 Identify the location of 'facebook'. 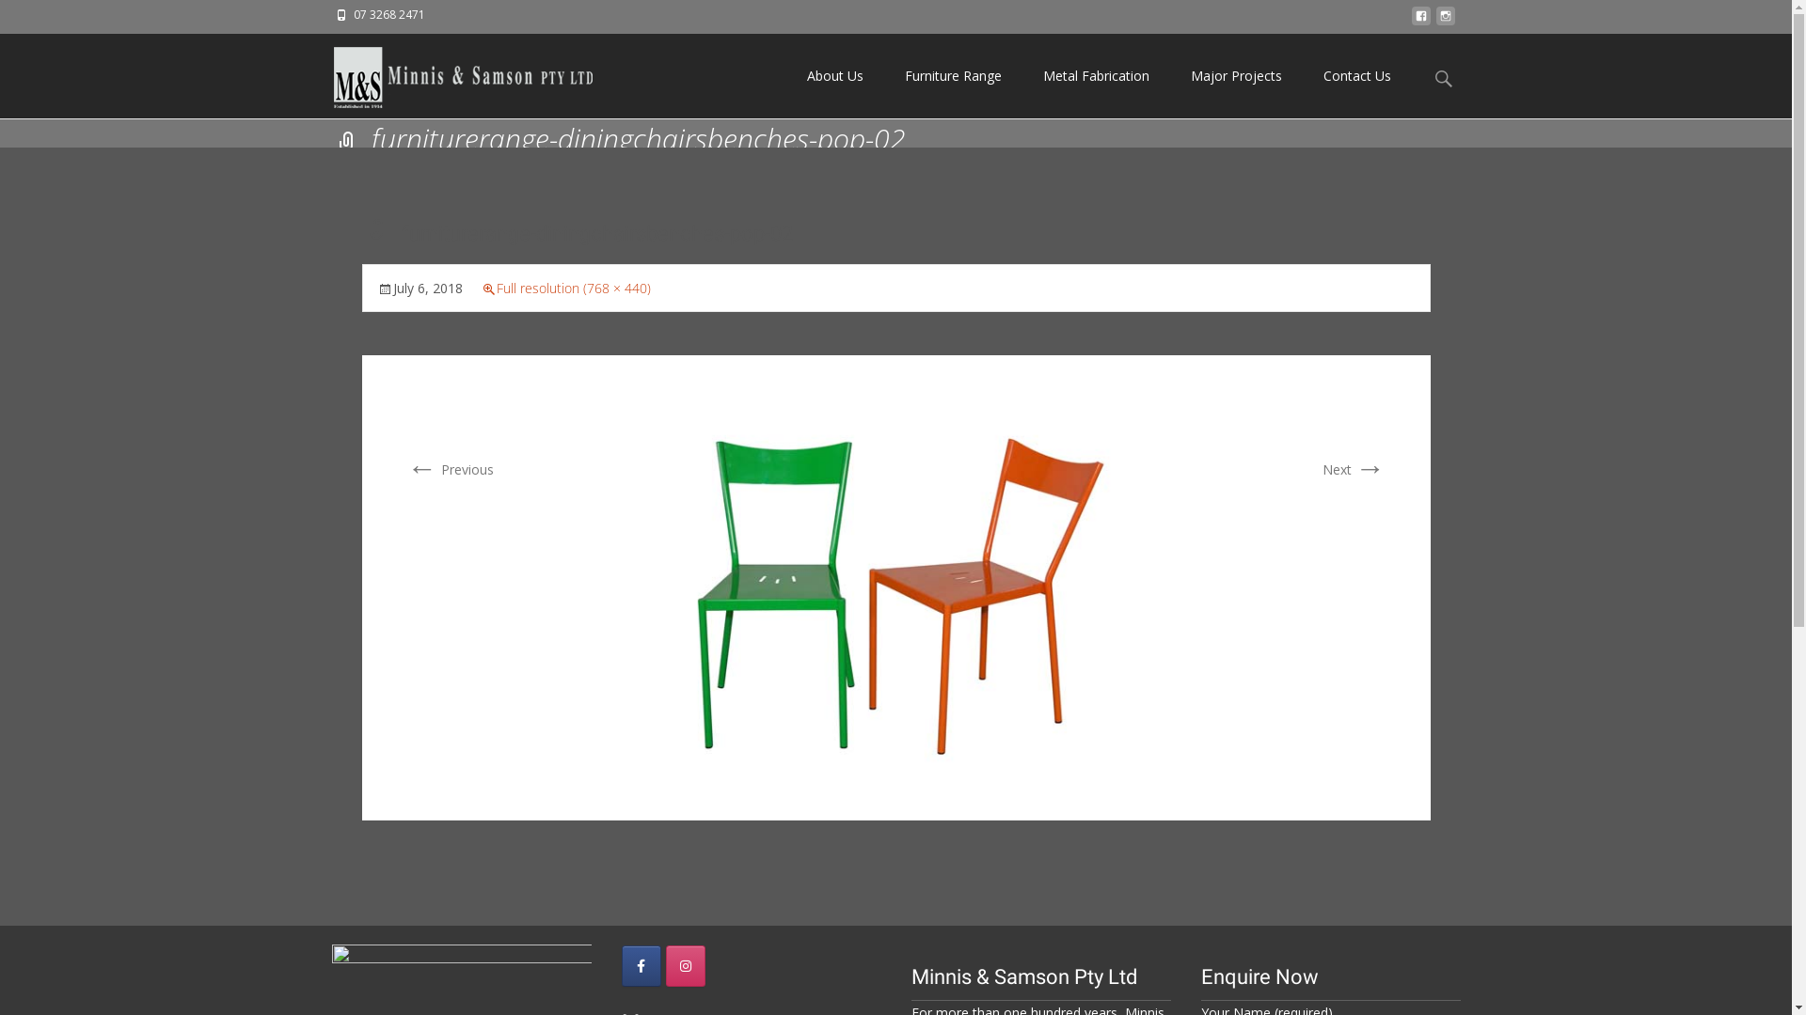
(1410, 21).